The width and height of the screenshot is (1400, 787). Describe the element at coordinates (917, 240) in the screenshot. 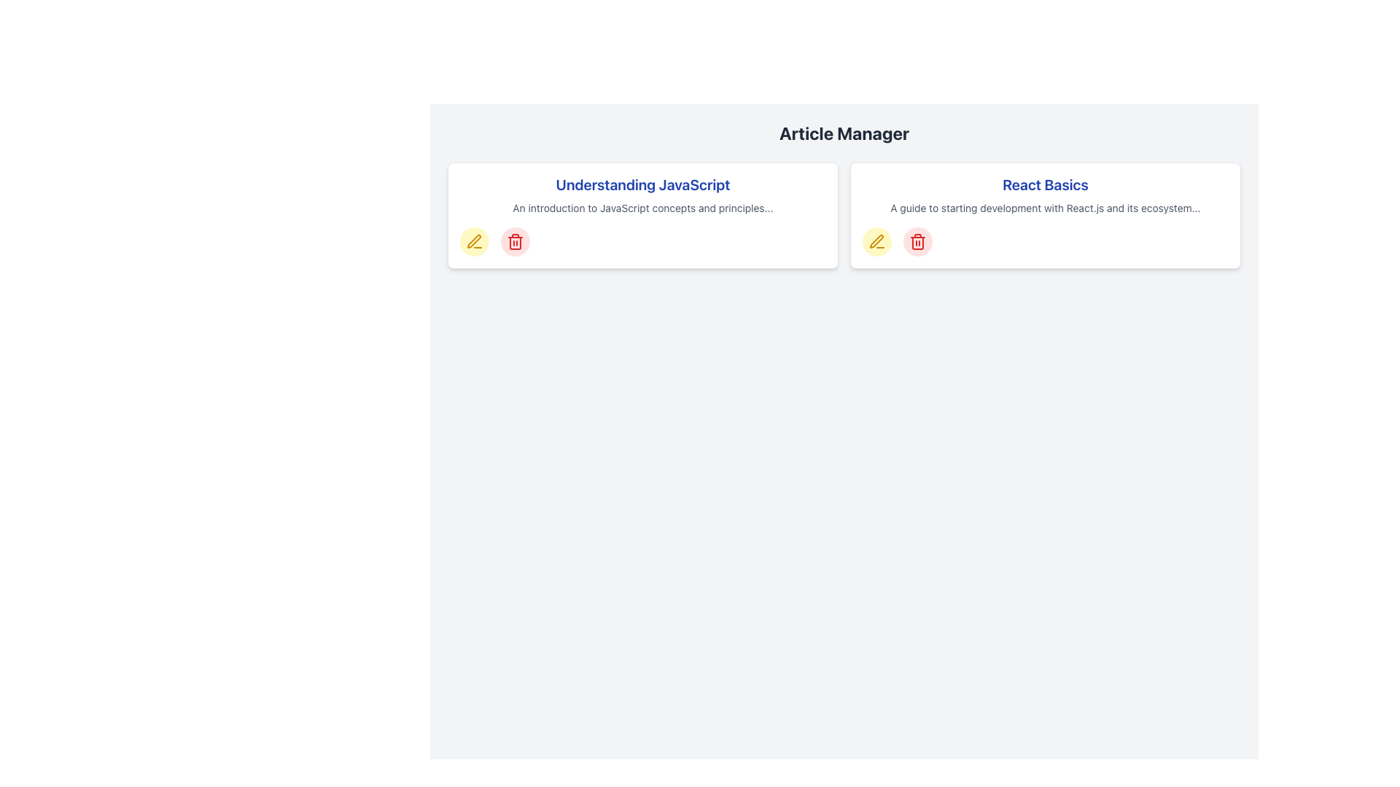

I see `the red trash can icon button, which is the second button in the row of actionable icons below the 'React Basics' article card` at that location.